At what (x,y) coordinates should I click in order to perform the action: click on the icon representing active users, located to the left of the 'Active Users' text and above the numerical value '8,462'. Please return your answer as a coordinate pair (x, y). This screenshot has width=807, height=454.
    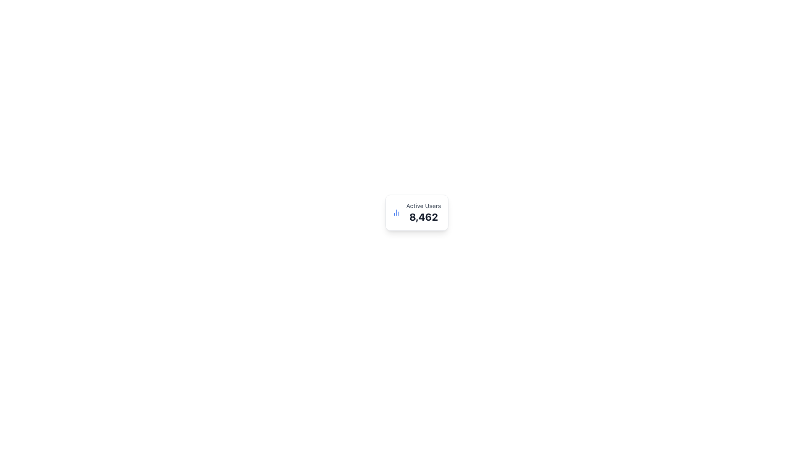
    Looking at the image, I should click on (396, 212).